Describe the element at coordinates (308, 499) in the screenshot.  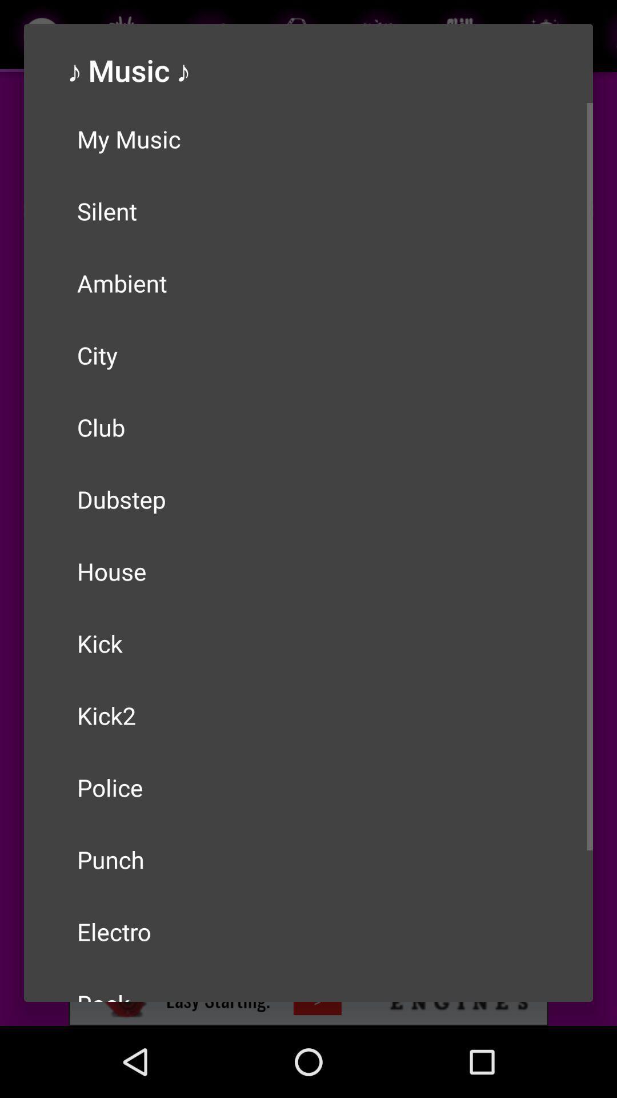
I see `the 		dubstep item` at that location.